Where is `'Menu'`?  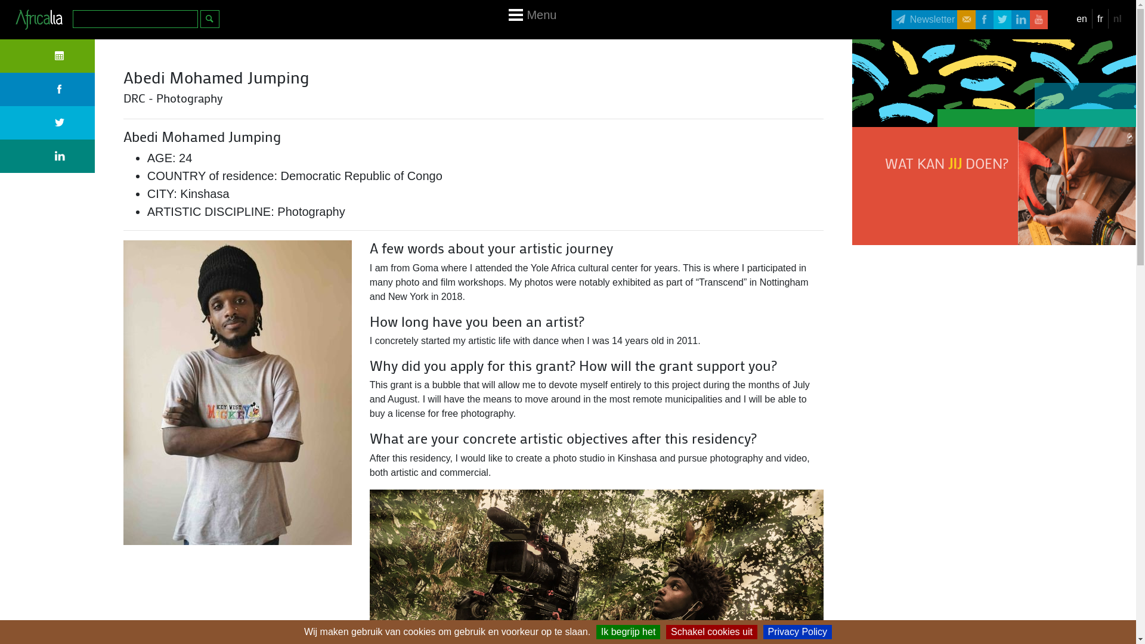 'Menu' is located at coordinates (540, 20).